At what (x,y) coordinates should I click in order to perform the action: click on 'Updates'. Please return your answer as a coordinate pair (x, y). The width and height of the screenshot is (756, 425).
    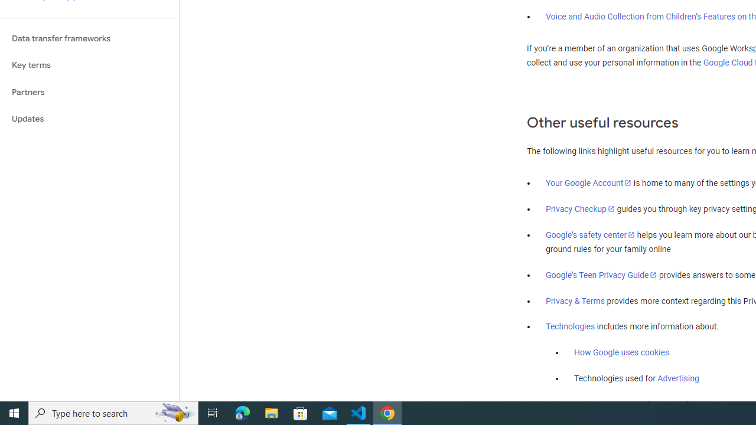
    Looking at the image, I should click on (89, 119).